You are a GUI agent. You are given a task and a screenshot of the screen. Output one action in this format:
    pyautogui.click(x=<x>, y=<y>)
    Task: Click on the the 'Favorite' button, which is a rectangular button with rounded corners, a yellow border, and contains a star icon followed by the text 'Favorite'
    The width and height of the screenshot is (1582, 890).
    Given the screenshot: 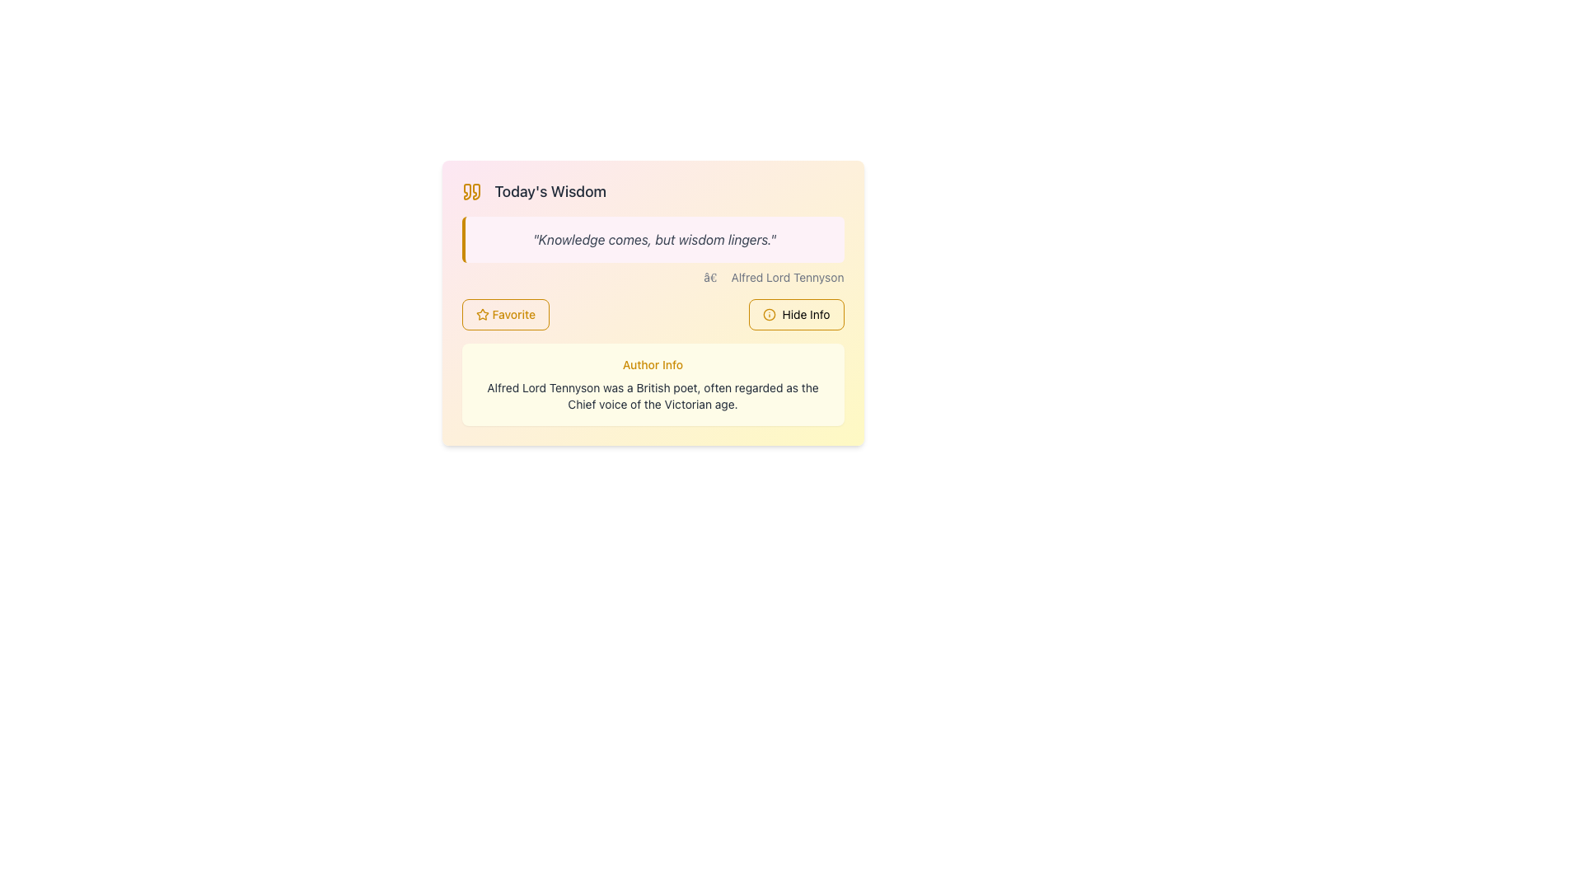 What is the action you would take?
    pyautogui.click(x=504, y=314)
    